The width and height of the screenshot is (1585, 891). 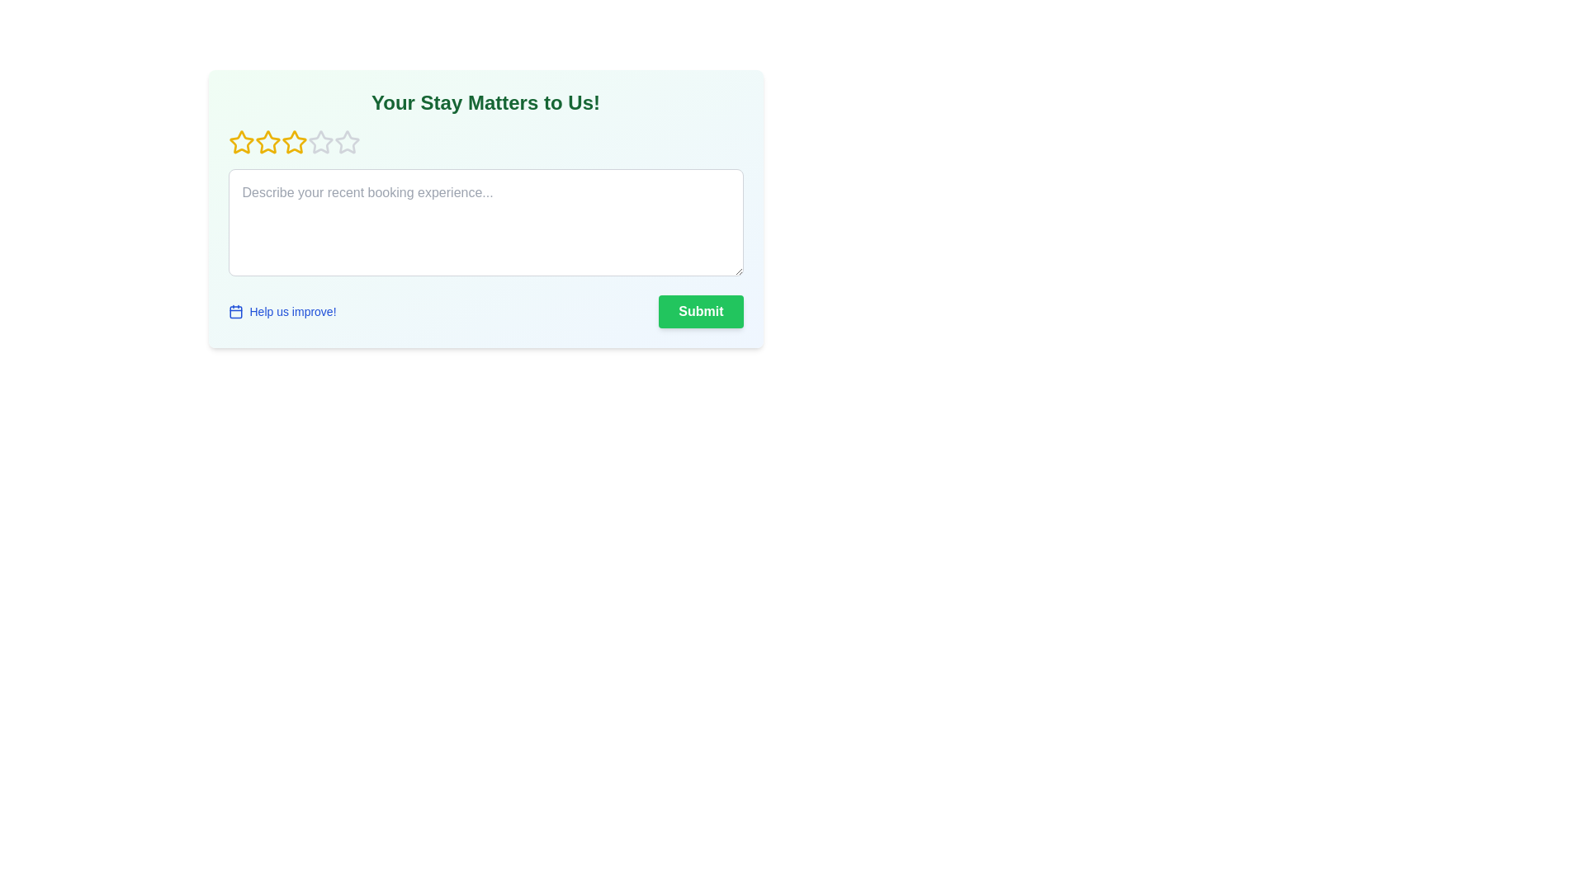 I want to click on the rating to 1 stars by clicking the corresponding star icon, so click(x=240, y=142).